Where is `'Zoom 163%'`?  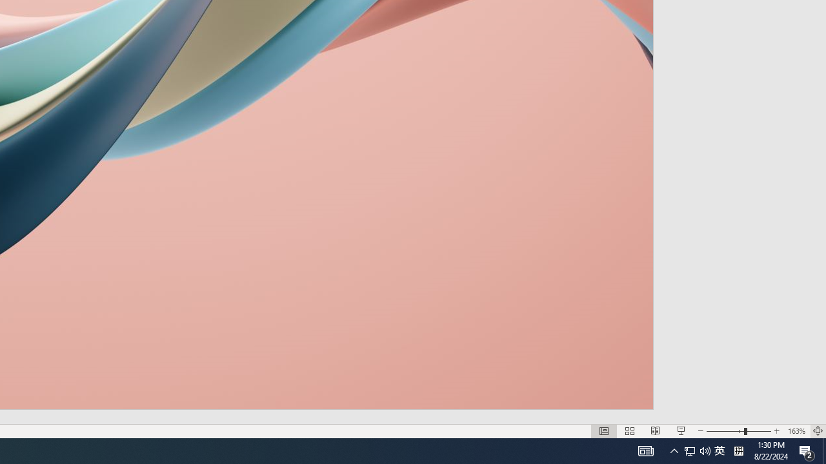 'Zoom 163%' is located at coordinates (796, 431).